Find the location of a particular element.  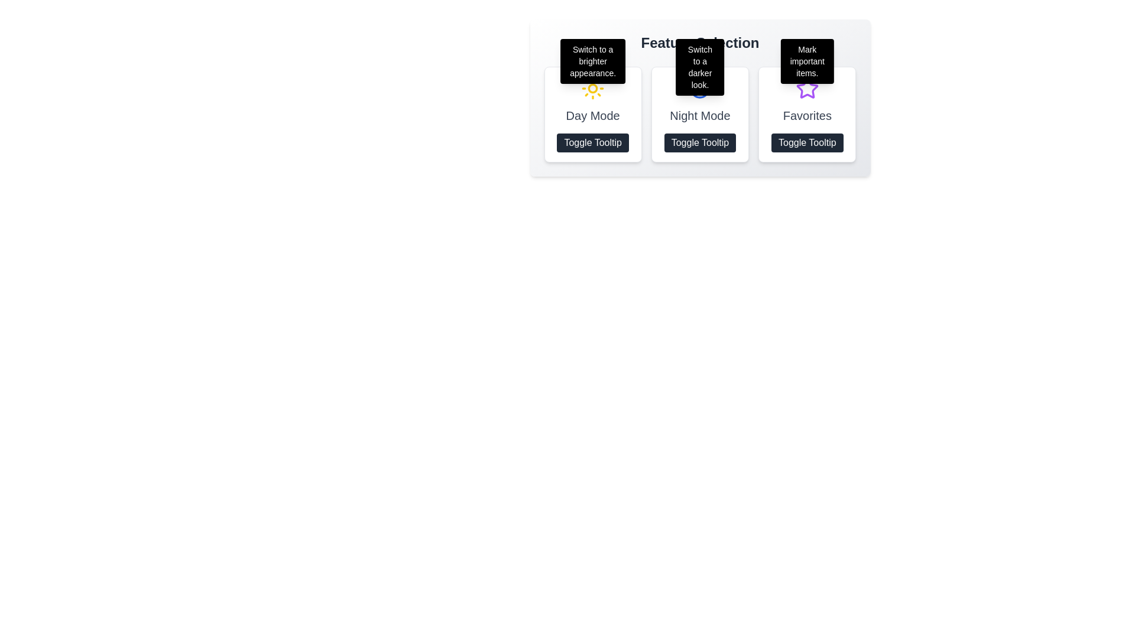

the sun icon, which resembles a circular sun symbol with radial lines is located at coordinates (593, 88).